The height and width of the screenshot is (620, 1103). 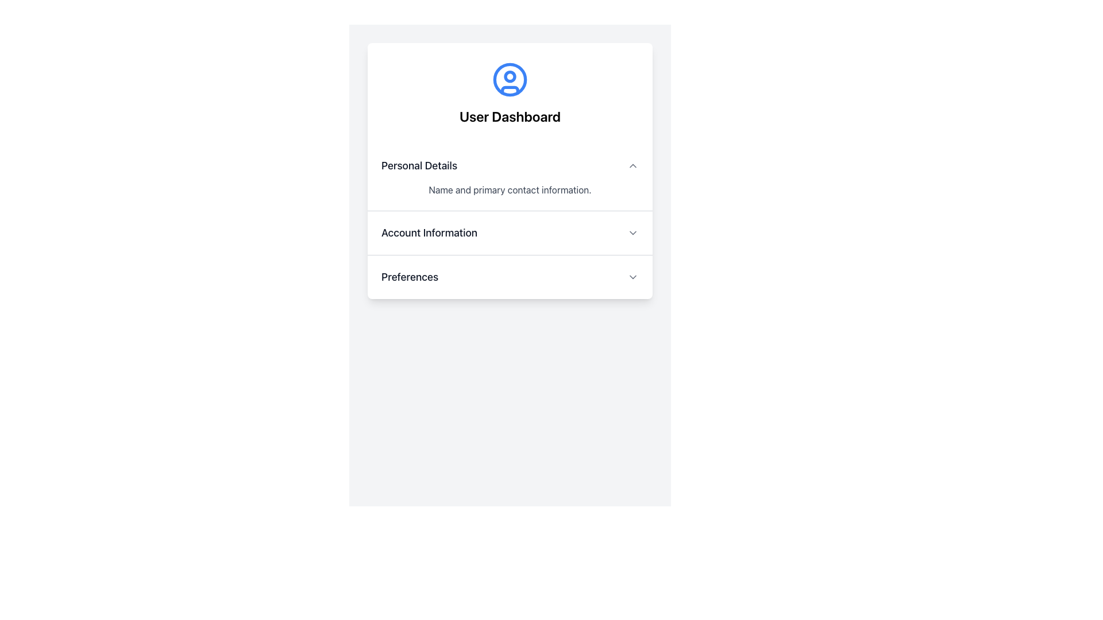 What do you see at coordinates (410, 277) in the screenshot?
I see `the clickable heading that serves as a section title for user preferences, positioned as the first item in a vertical list within a card layout` at bounding box center [410, 277].